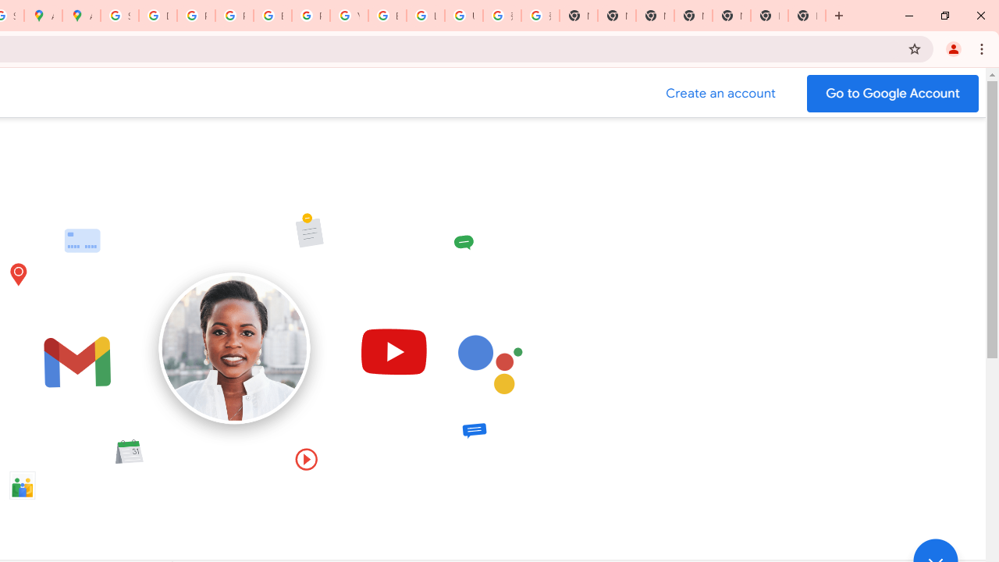  I want to click on 'YouTube', so click(348, 16).